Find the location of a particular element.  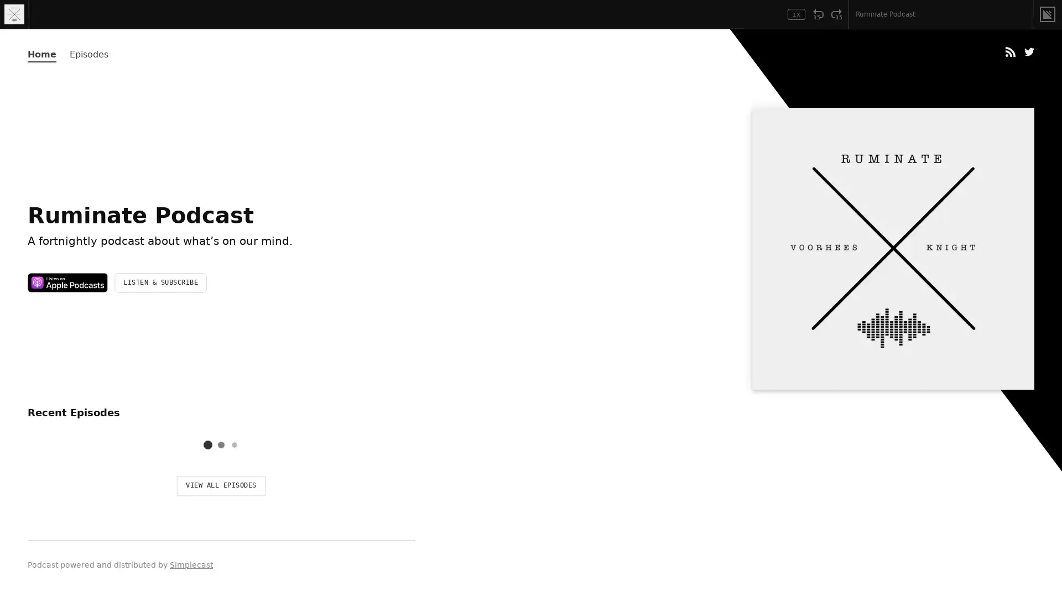

Play is located at coordinates (40, 528).